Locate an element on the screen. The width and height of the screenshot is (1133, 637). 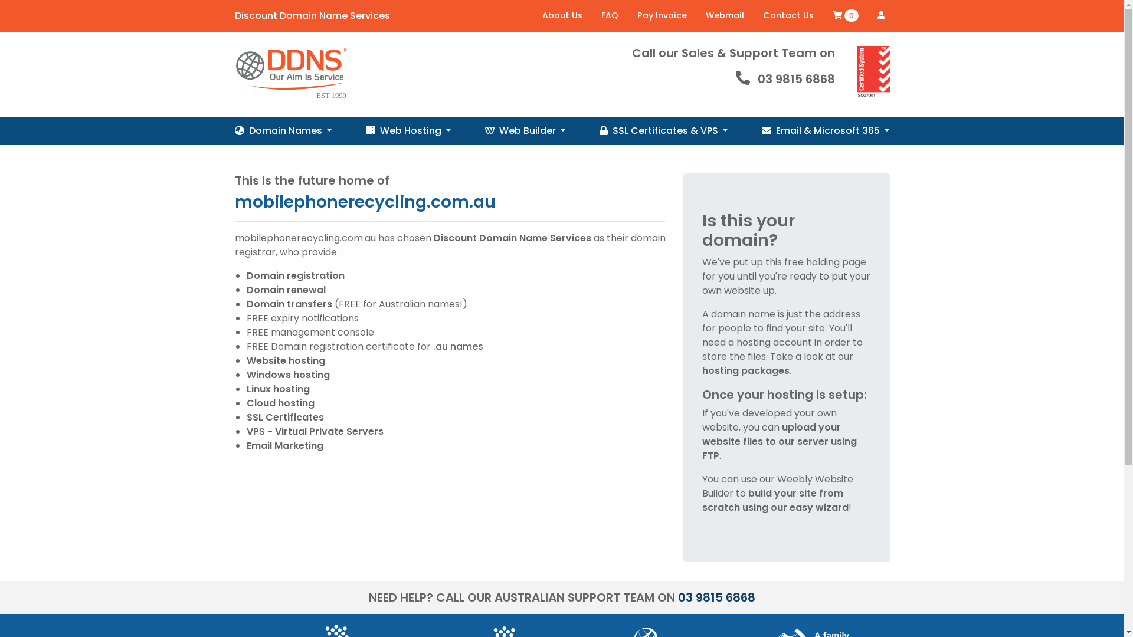
'Domain Names' is located at coordinates (283, 131).